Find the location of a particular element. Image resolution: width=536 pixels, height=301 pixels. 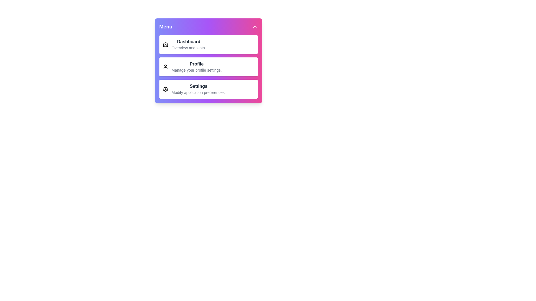

the icon of the menu item labeled Dashboard is located at coordinates (165, 44).